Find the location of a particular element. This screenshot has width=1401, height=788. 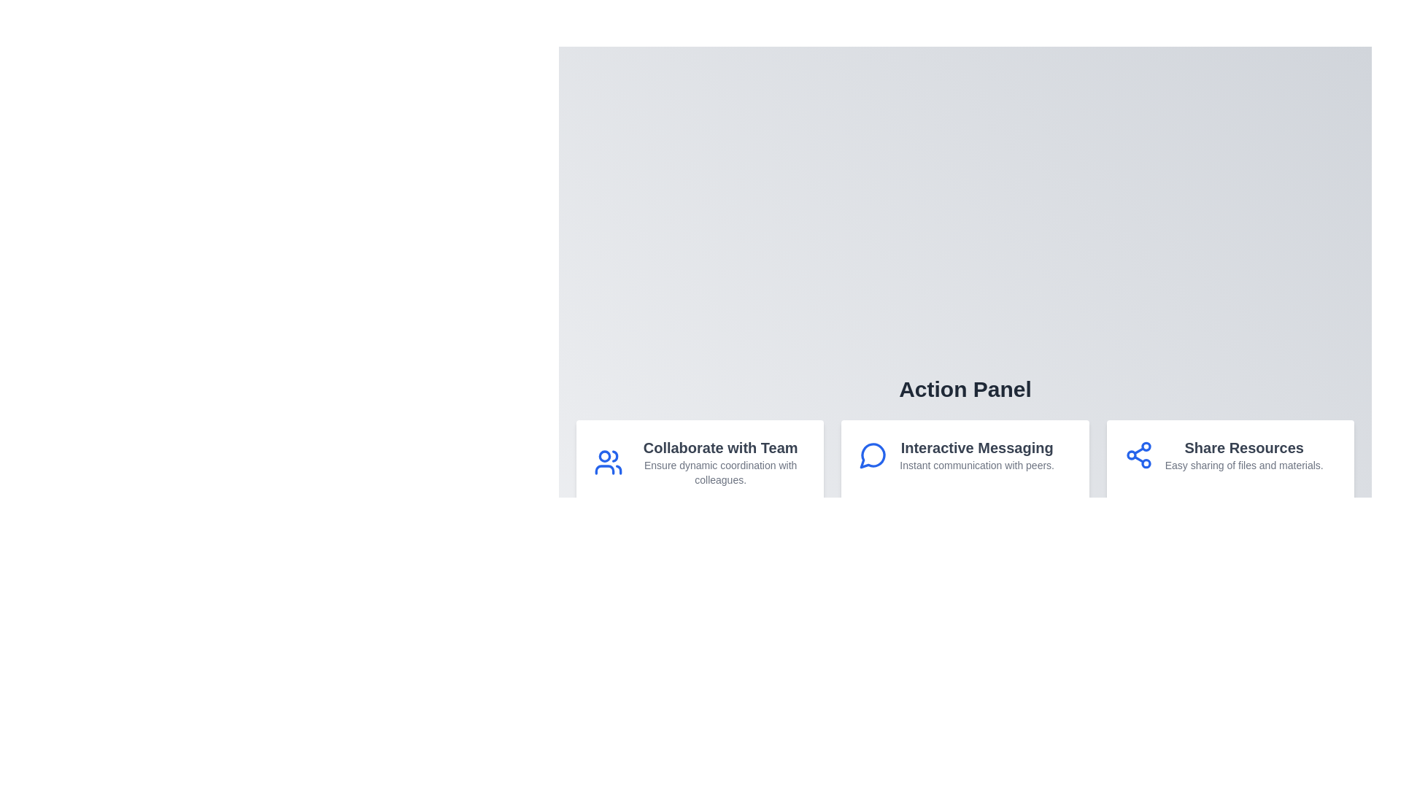

the collaboration icon located on the far left side above the text 'Collaborate with Team' in the first column of the three cards section is located at coordinates (609, 462).